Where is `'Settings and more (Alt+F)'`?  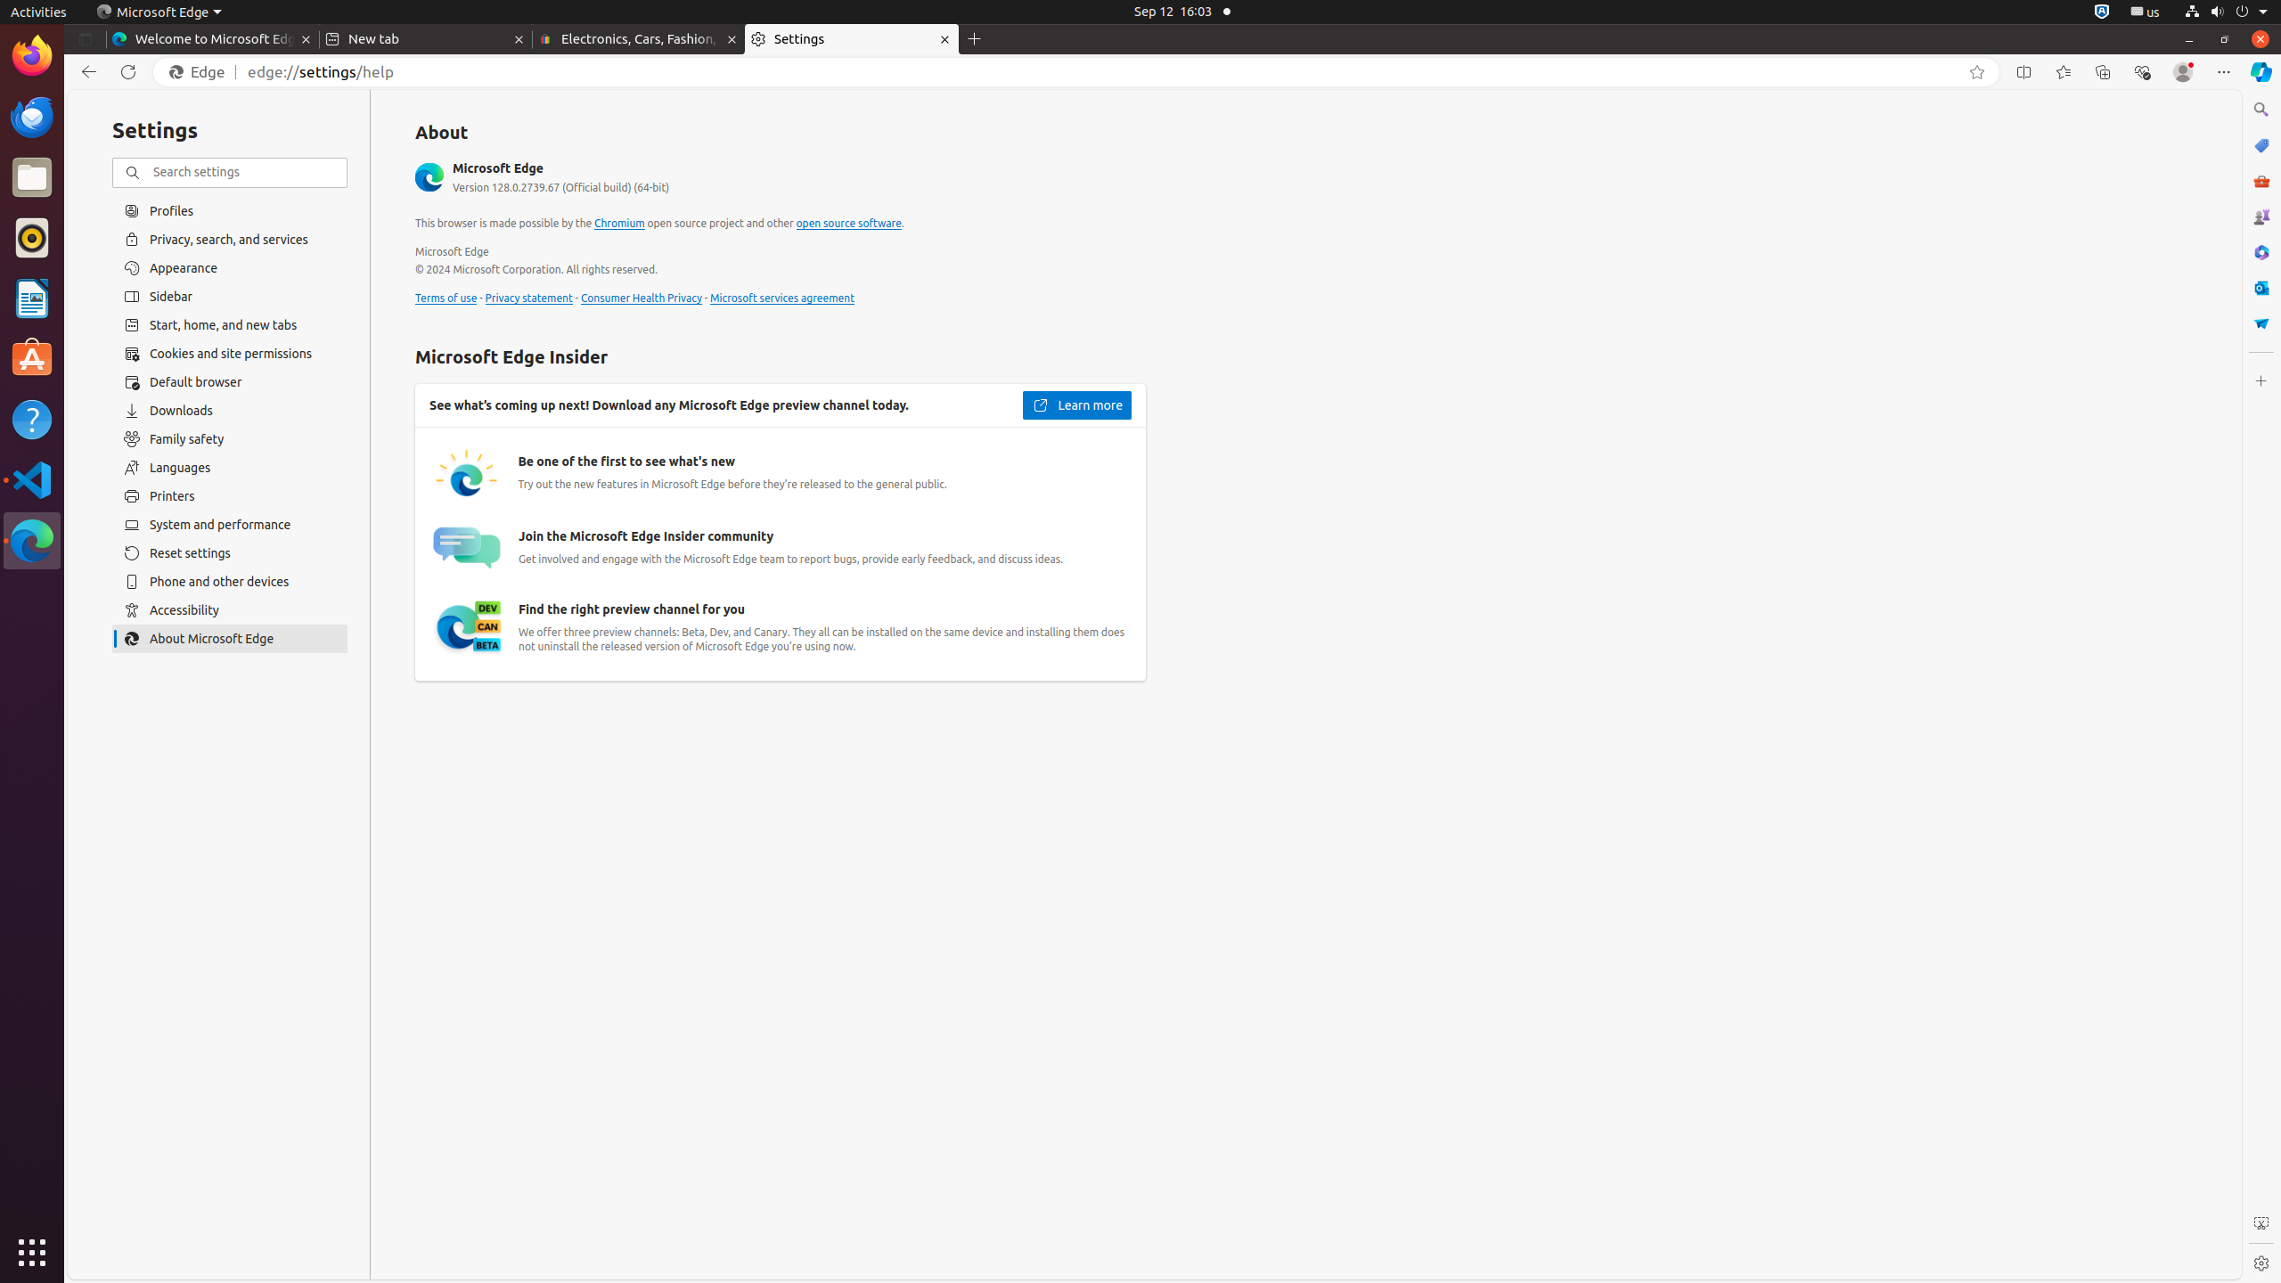
'Settings and more (Alt+F)' is located at coordinates (2223, 71).